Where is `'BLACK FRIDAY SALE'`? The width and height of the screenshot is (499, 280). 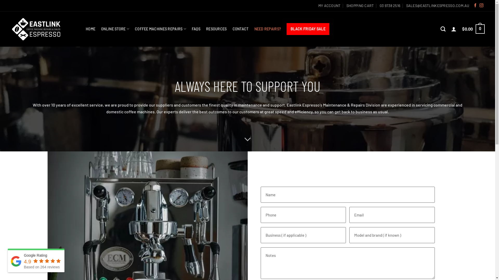 'BLACK FRIDAY SALE' is located at coordinates (308, 29).